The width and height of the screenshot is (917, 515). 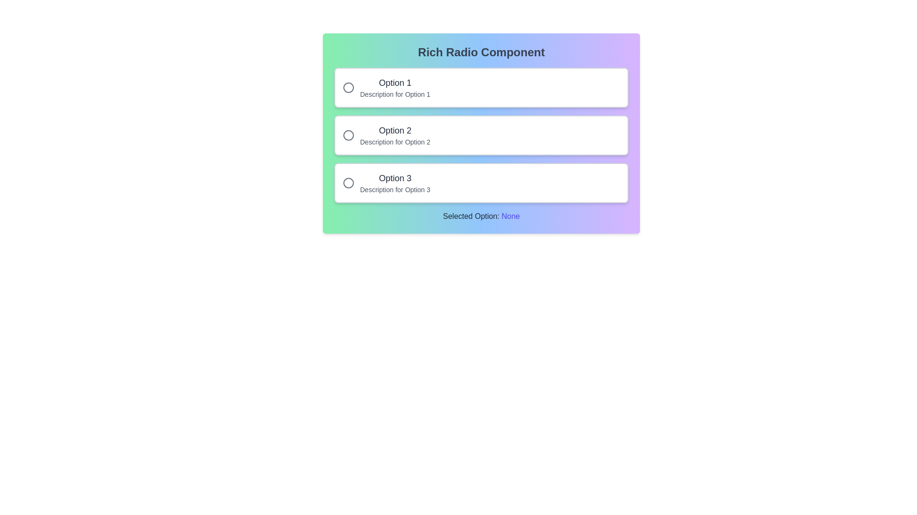 What do you see at coordinates (395, 82) in the screenshot?
I see `the first text label of the first radio button option in the multiple-choice component, located above the descriptive text 'Description for Option 1'` at bounding box center [395, 82].